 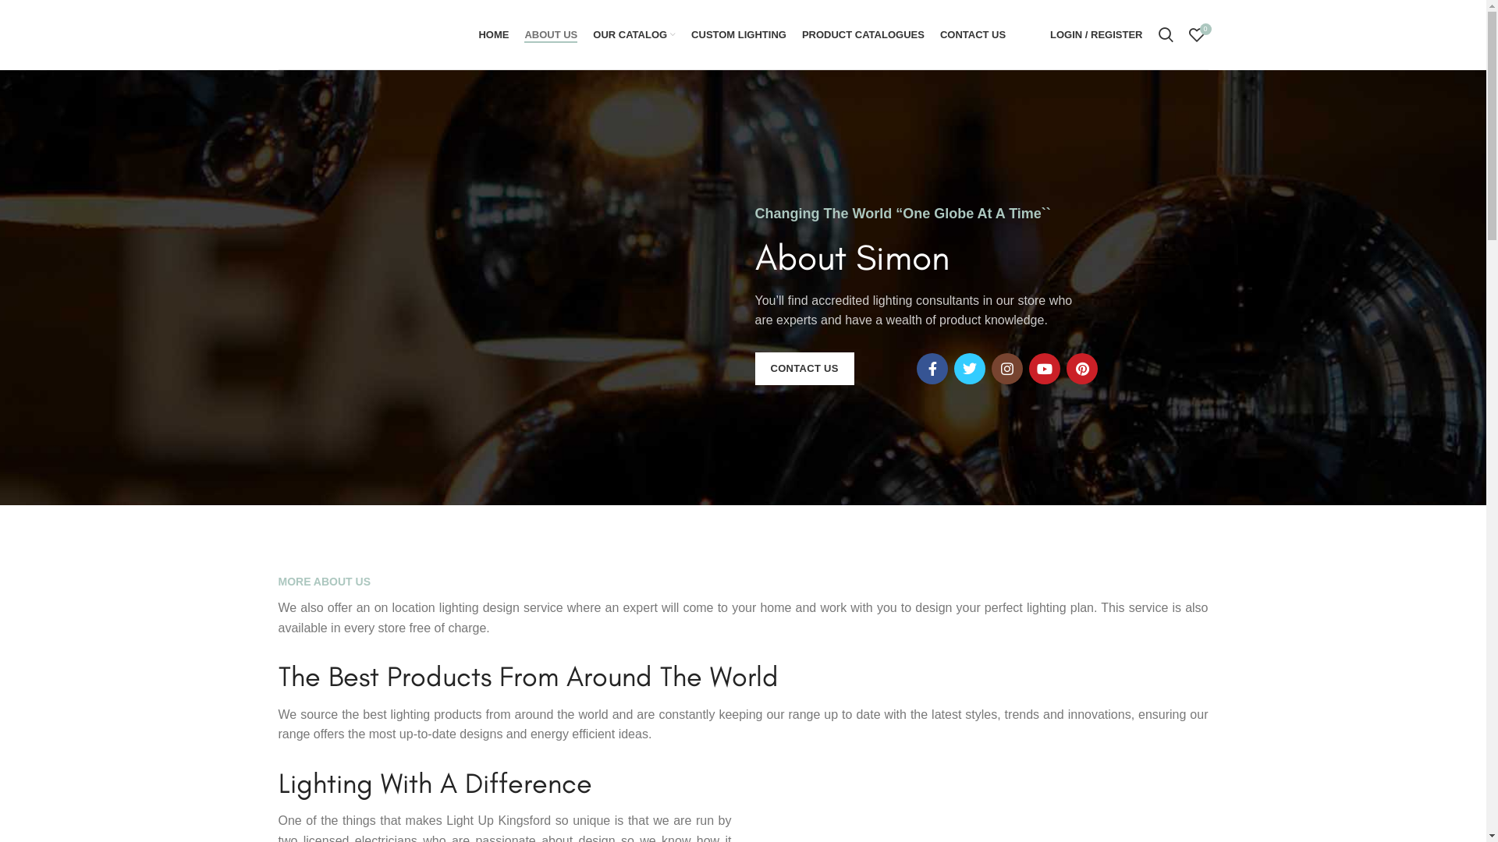 What do you see at coordinates (584, 34) in the screenshot?
I see `'OUR CATALOG'` at bounding box center [584, 34].